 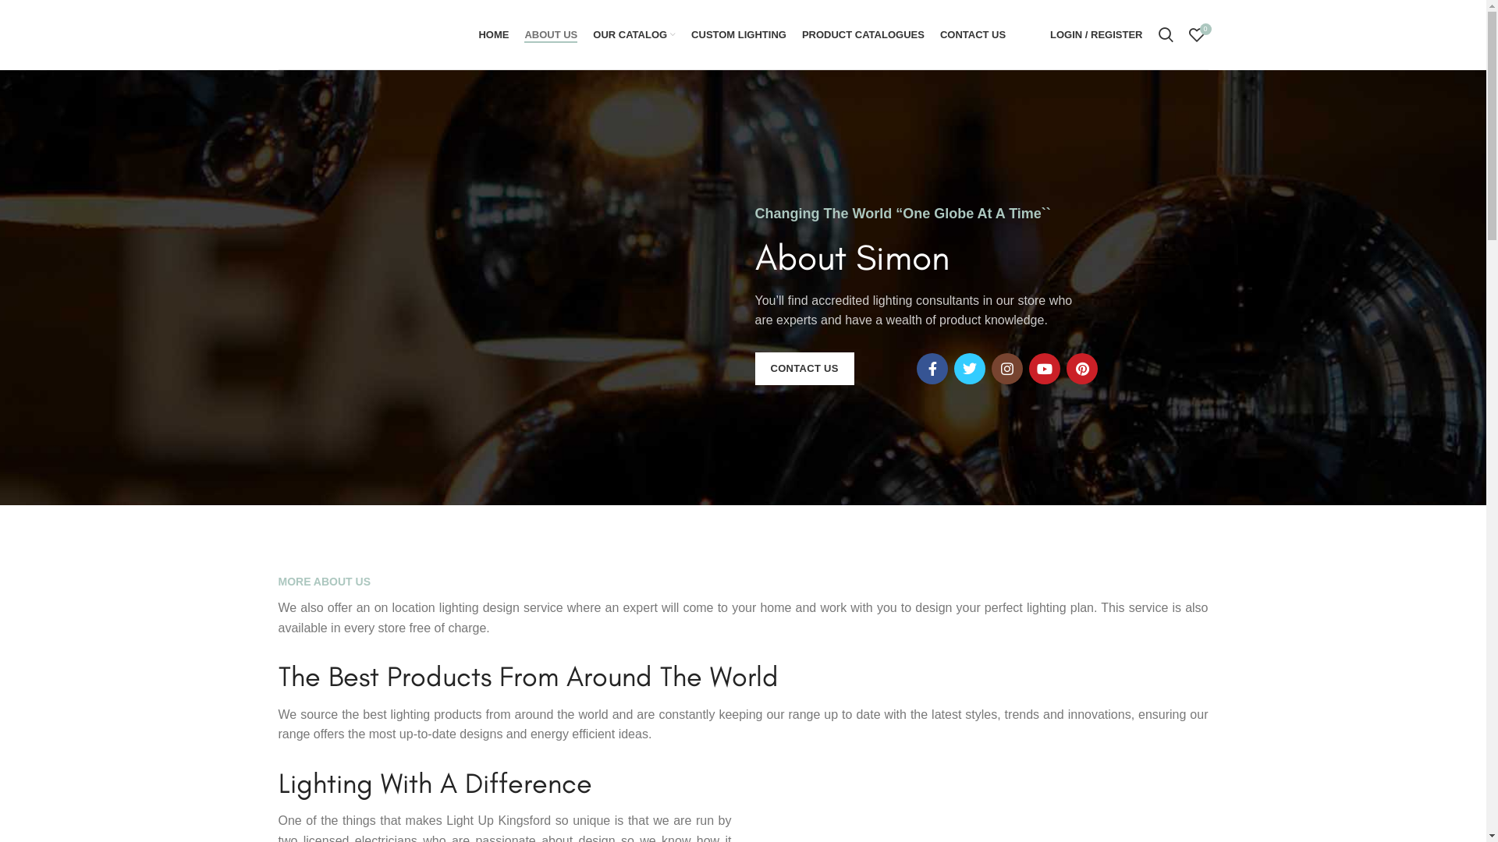 What do you see at coordinates (584, 34) in the screenshot?
I see `'OUR CATALOG'` at bounding box center [584, 34].